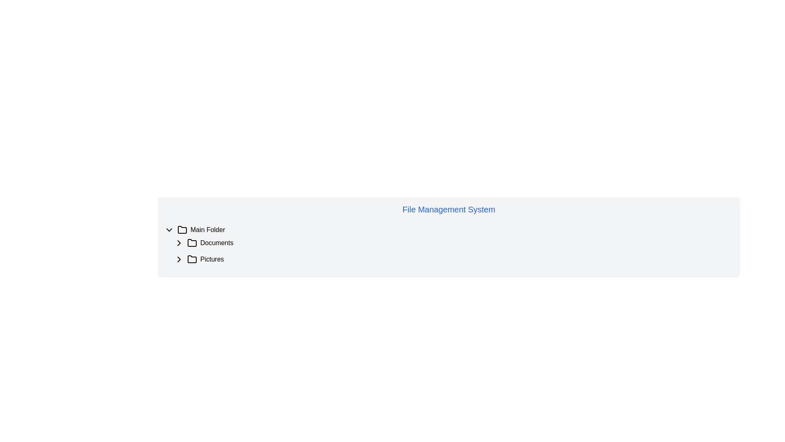  Describe the element at coordinates (192, 242) in the screenshot. I see `the small folder icon located as the second item in the file management tree view under the 'Documents' label` at that location.